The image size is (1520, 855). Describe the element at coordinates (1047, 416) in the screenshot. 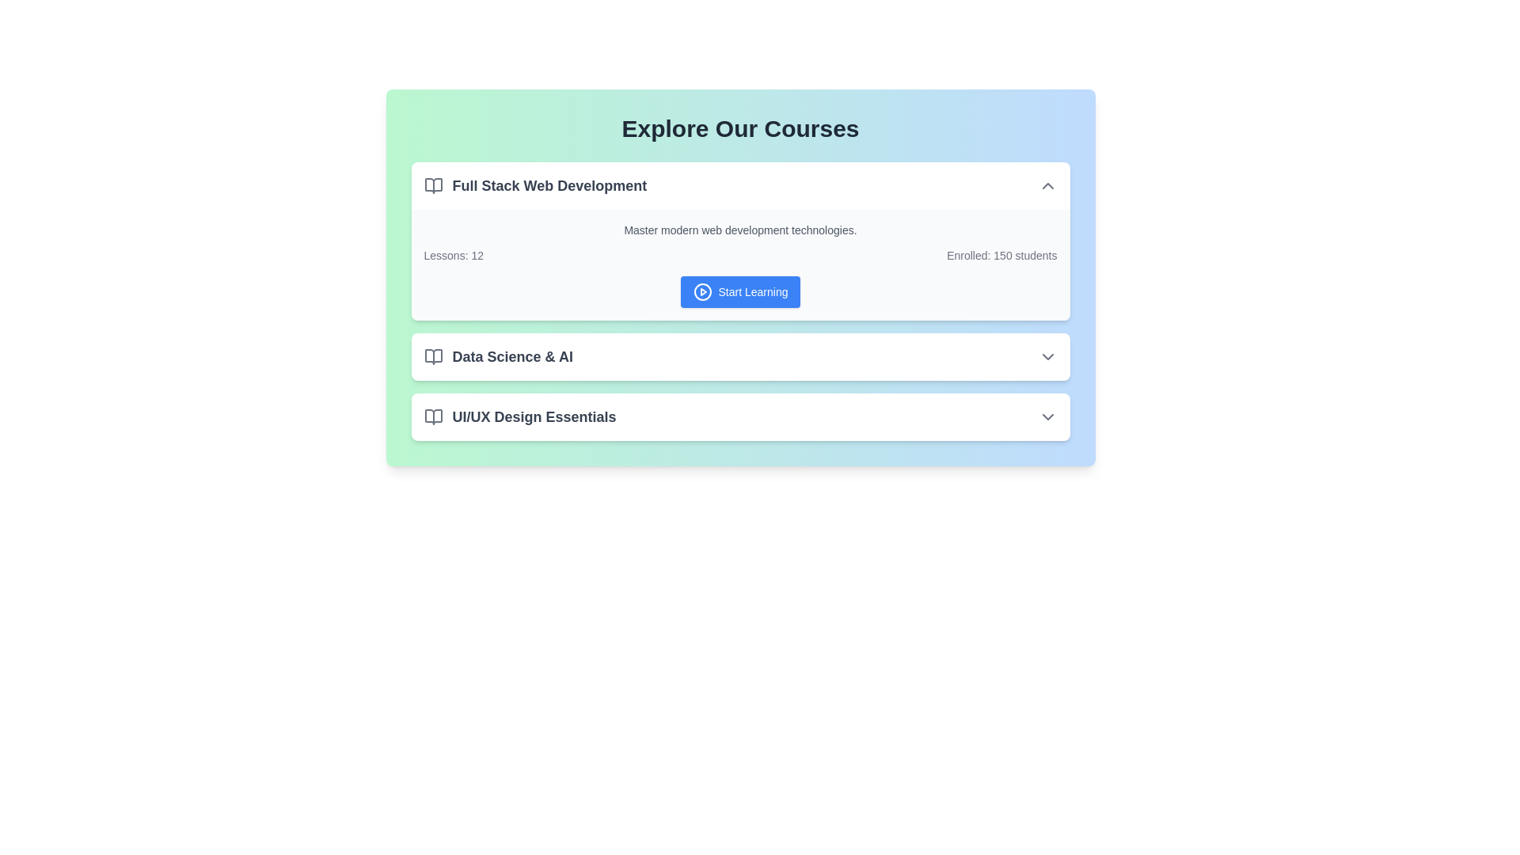

I see `the downward-facing chevron icon, styled in gray with rounded edges, located at the far right of the 'UI/UX Design Essentials' section header` at that location.